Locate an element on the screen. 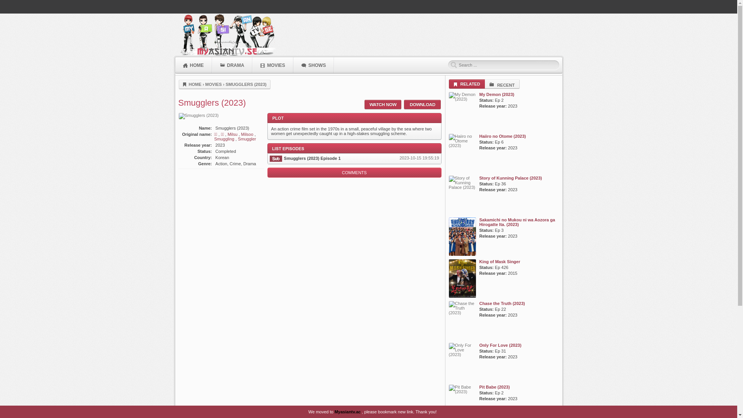 This screenshot has width=743, height=418. 'SHOWS' is located at coordinates (314, 67).